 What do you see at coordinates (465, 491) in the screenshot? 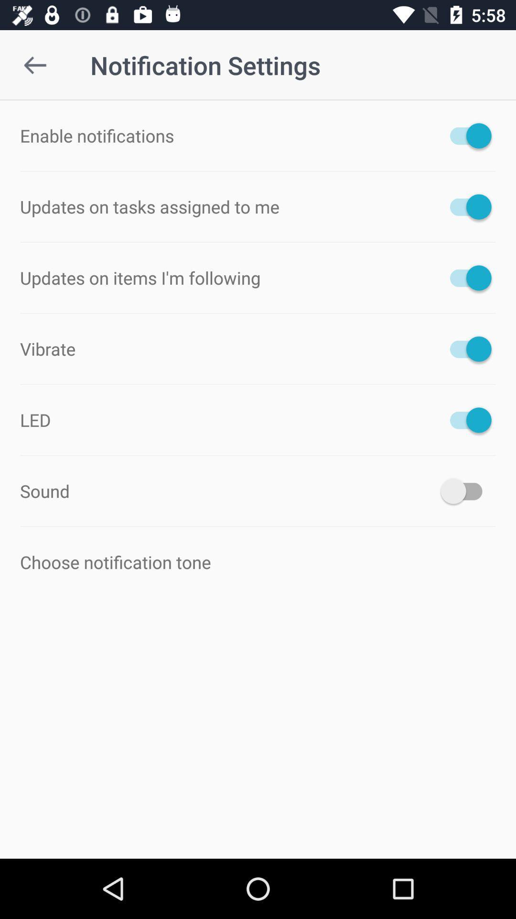
I see `the icon next to sound item` at bounding box center [465, 491].